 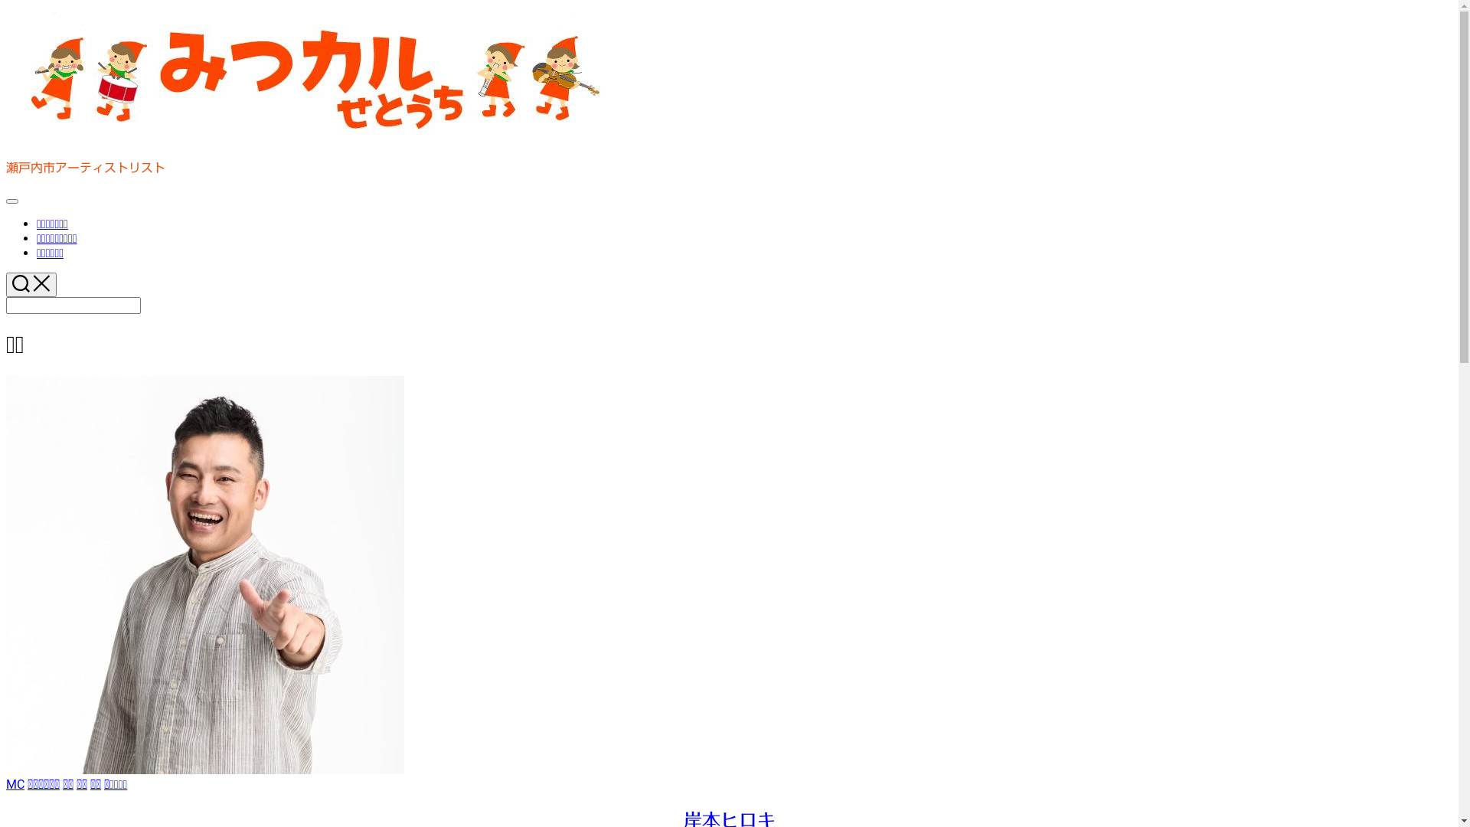 What do you see at coordinates (15, 784) in the screenshot?
I see `'MC'` at bounding box center [15, 784].